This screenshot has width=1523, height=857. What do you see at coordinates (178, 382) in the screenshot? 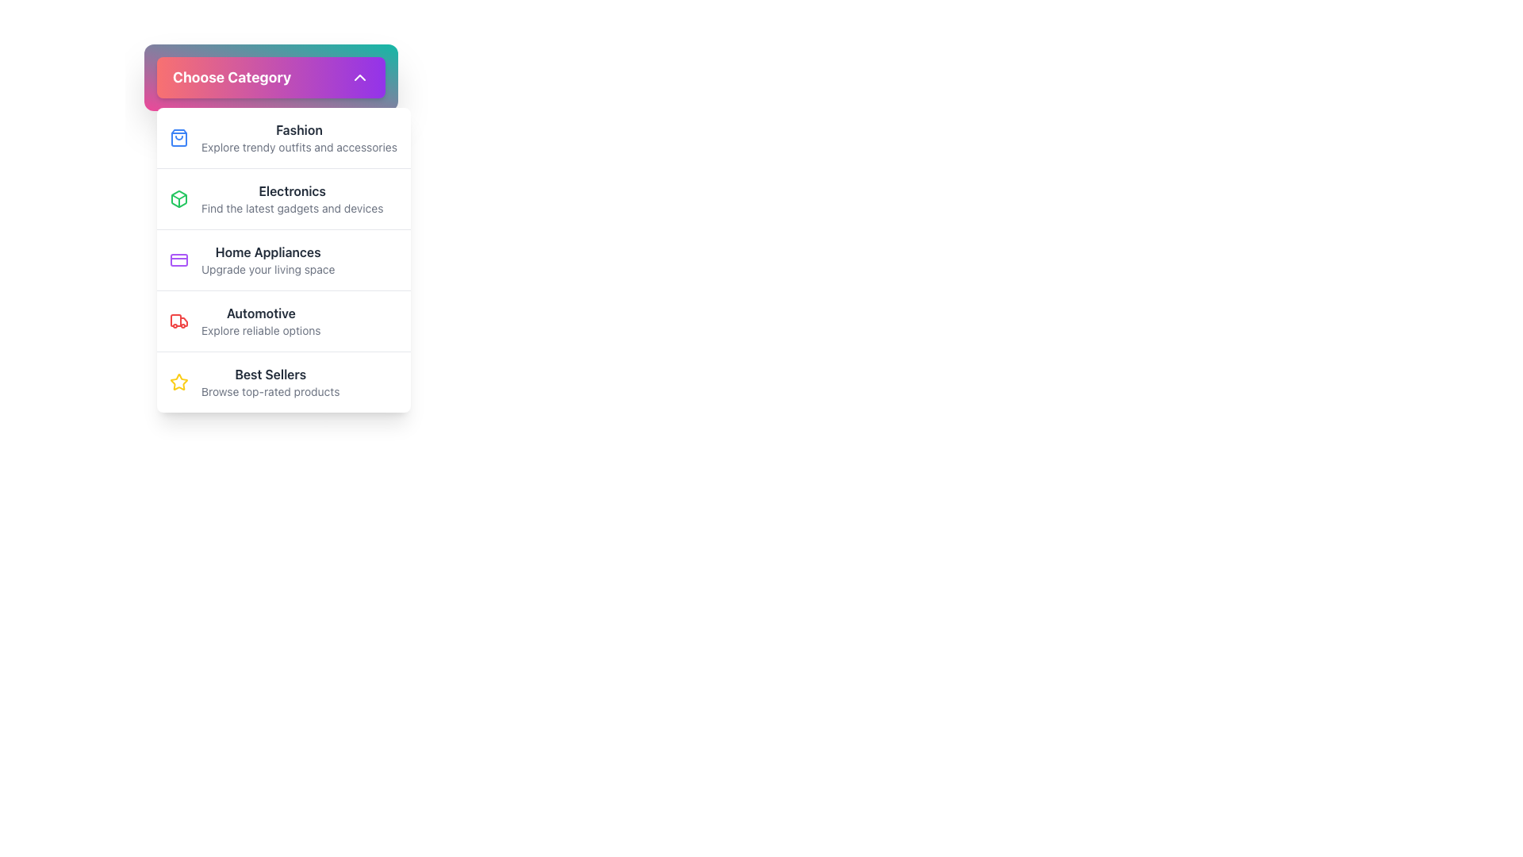
I see `the purpose of the star icon located in the 'Choose Category' dropdown menu, which symbolizes the 'Best Sellers' section` at bounding box center [178, 382].